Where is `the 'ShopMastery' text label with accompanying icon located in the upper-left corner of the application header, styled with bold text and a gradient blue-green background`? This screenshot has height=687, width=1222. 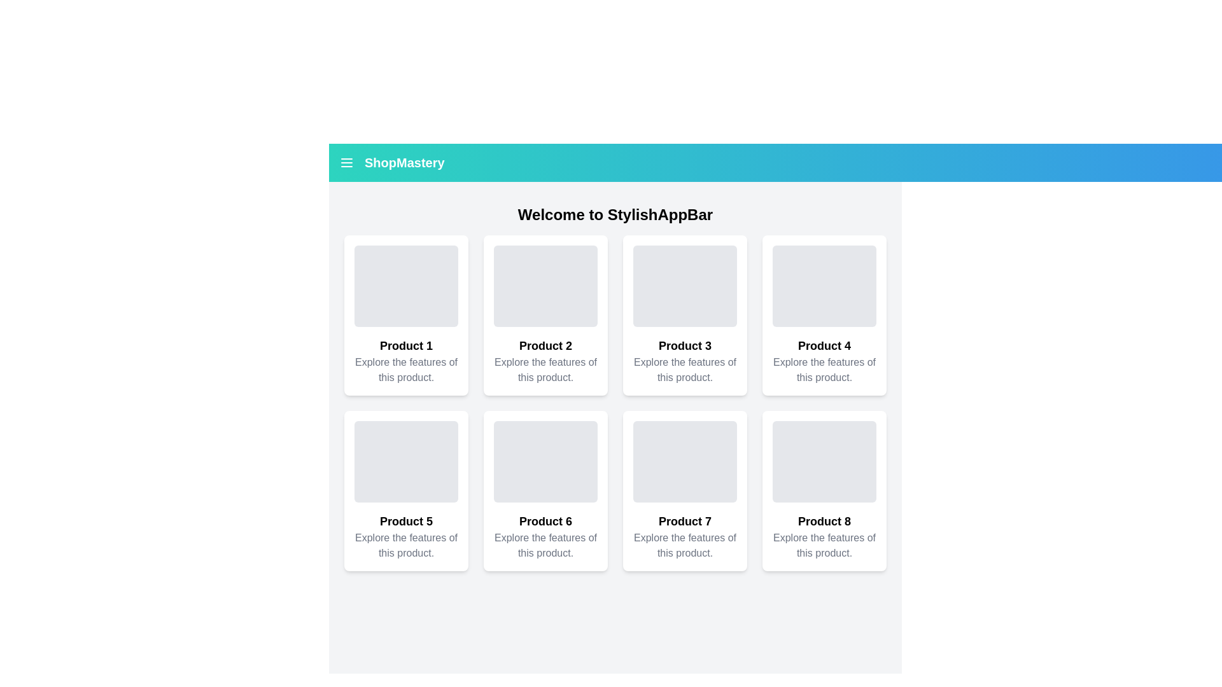 the 'ShopMastery' text label with accompanying icon located in the upper-left corner of the application header, styled with bold text and a gradient blue-green background is located at coordinates (391, 162).